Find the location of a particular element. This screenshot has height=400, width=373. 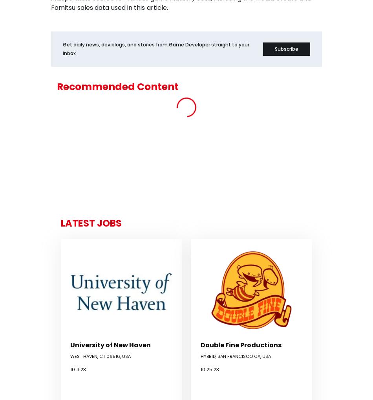

'Hybrid, San Francisco CA, USA' is located at coordinates (236, 356).